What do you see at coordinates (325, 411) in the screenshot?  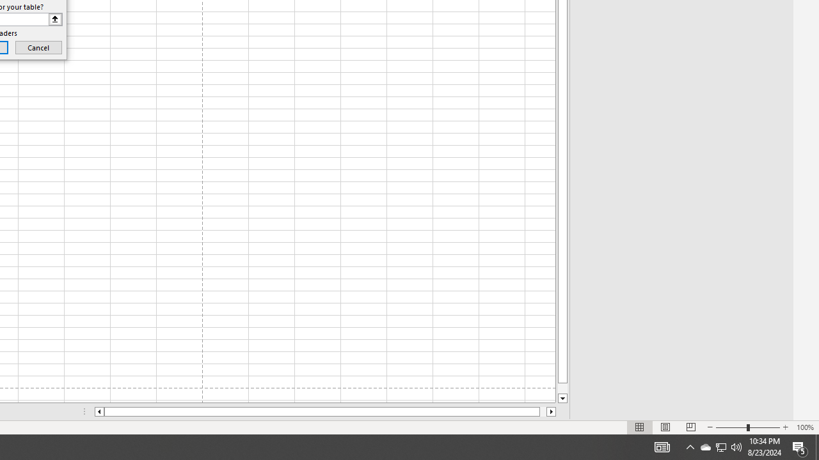 I see `'Class: NetUIScrollBar'` at bounding box center [325, 411].